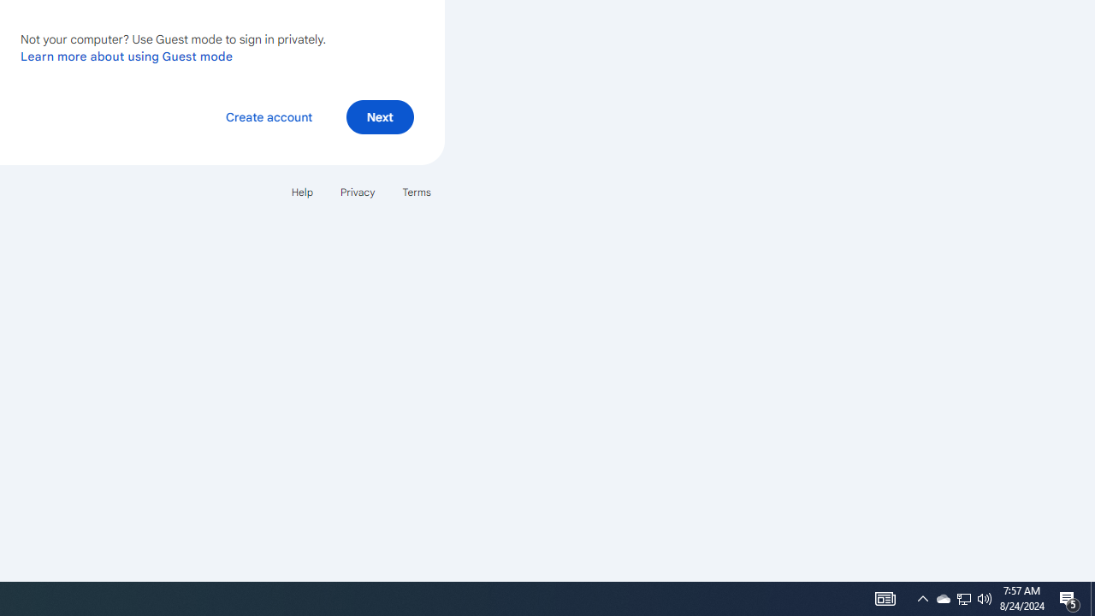  Describe the element at coordinates (356, 192) in the screenshot. I see `'Privacy'` at that location.